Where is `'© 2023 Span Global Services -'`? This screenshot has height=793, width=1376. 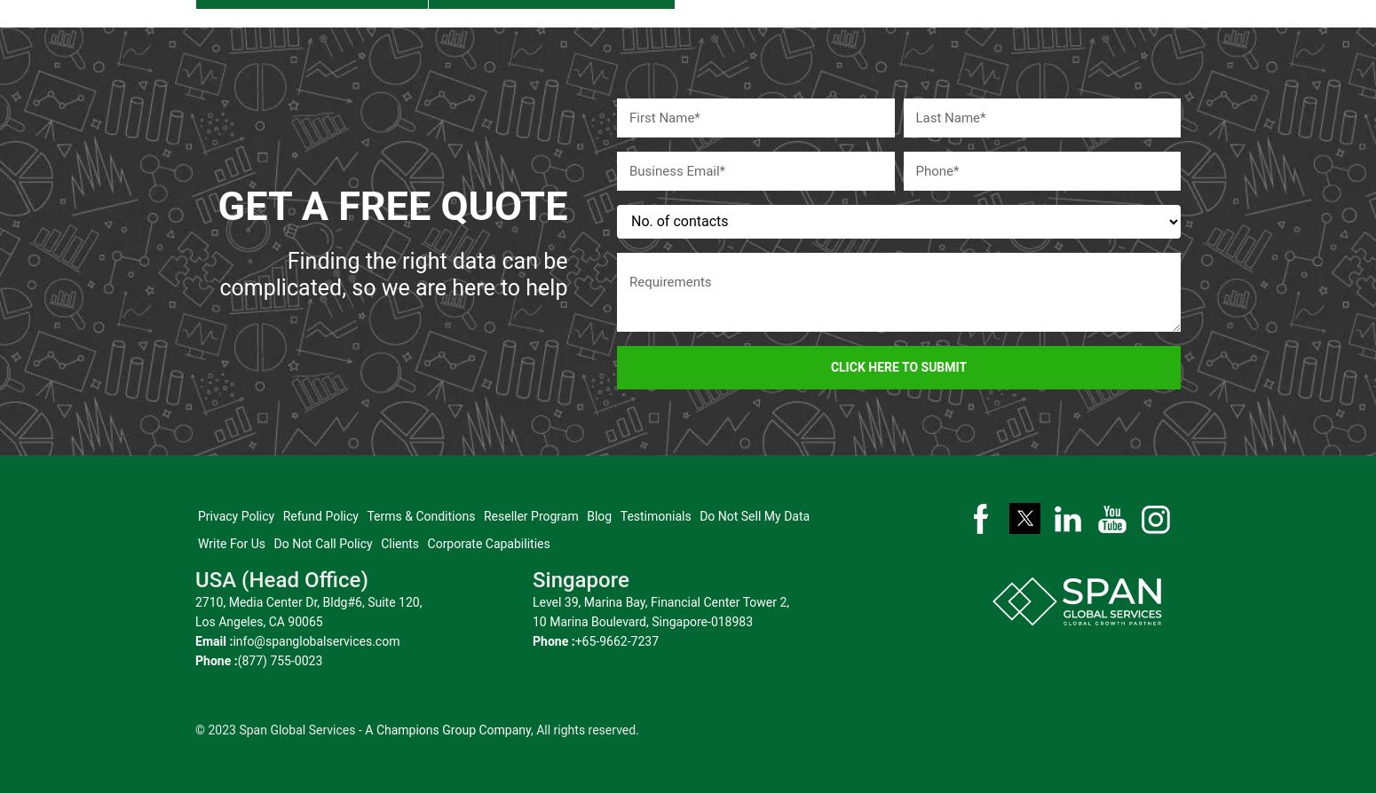 '© 2023 Span Global Services -' is located at coordinates (194, 719).